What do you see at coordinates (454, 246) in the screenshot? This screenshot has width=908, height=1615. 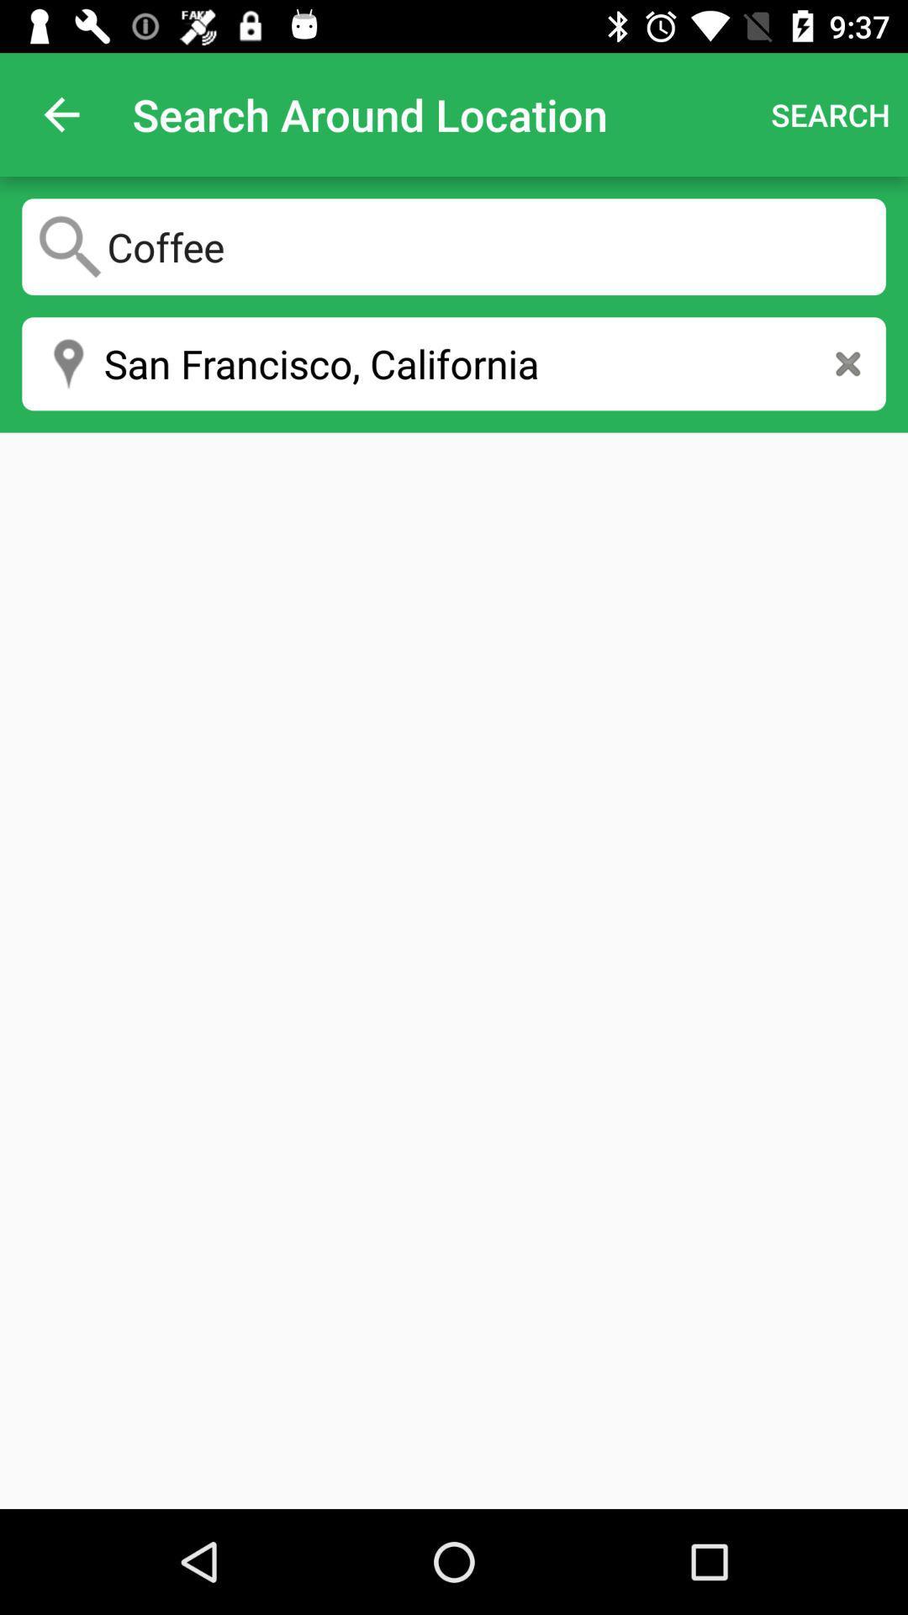 I see `the icon above san francisco, california item` at bounding box center [454, 246].